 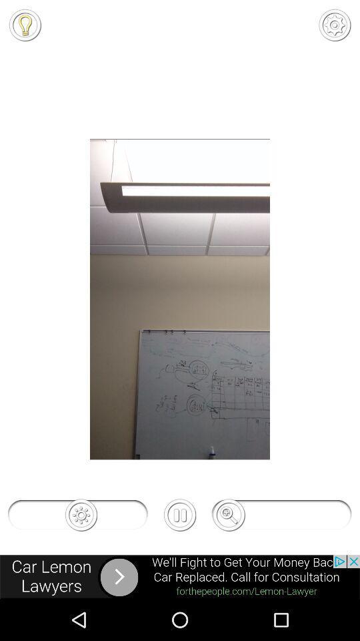 What do you see at coordinates (180, 576) in the screenshot?
I see `open advertisement` at bounding box center [180, 576].